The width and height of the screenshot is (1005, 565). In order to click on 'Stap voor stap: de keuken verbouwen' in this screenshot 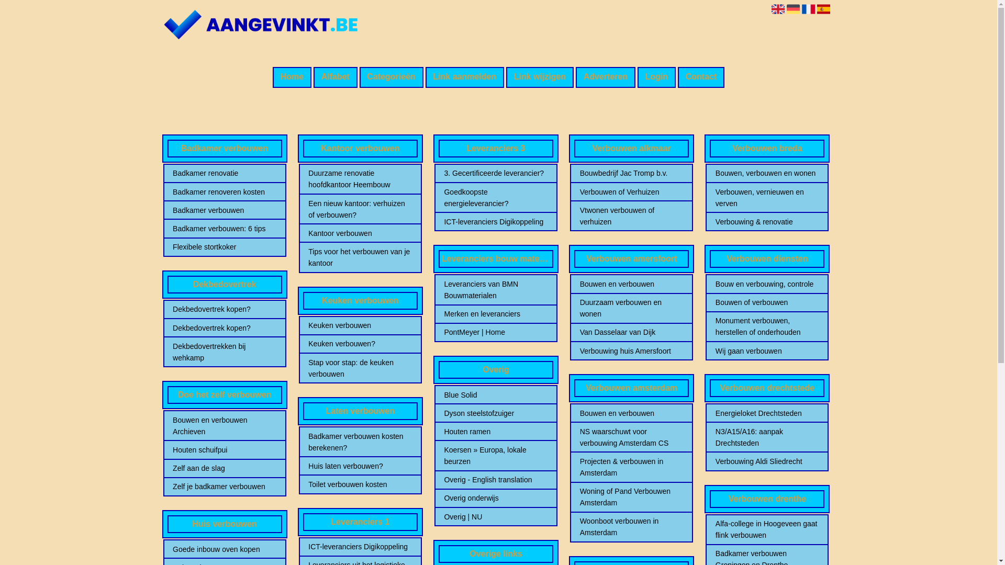, I will do `click(308, 368)`.